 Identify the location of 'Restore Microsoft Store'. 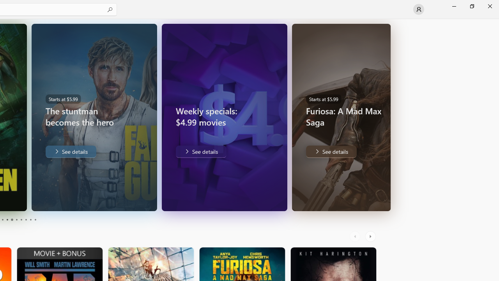
(471, 6).